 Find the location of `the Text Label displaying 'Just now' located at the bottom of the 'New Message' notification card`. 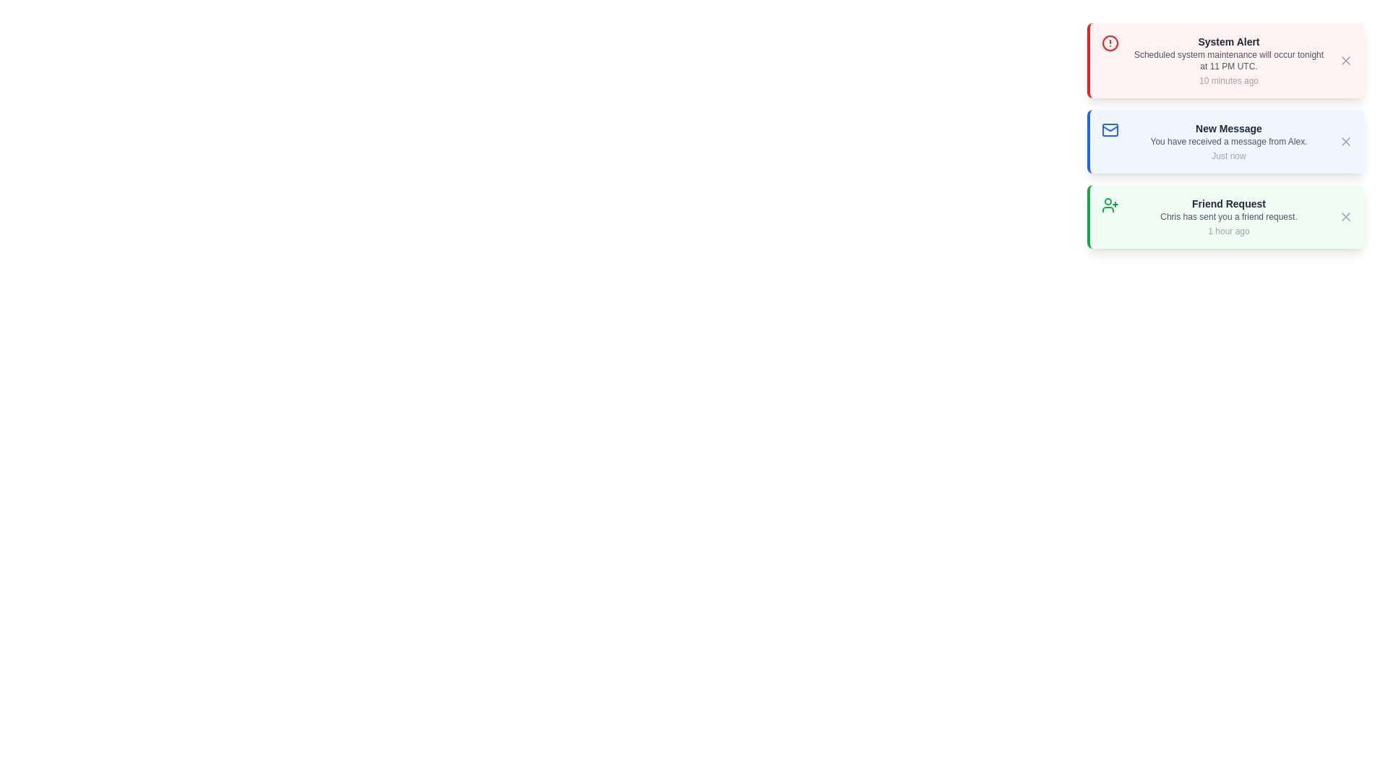

the Text Label displaying 'Just now' located at the bottom of the 'New Message' notification card is located at coordinates (1228, 156).